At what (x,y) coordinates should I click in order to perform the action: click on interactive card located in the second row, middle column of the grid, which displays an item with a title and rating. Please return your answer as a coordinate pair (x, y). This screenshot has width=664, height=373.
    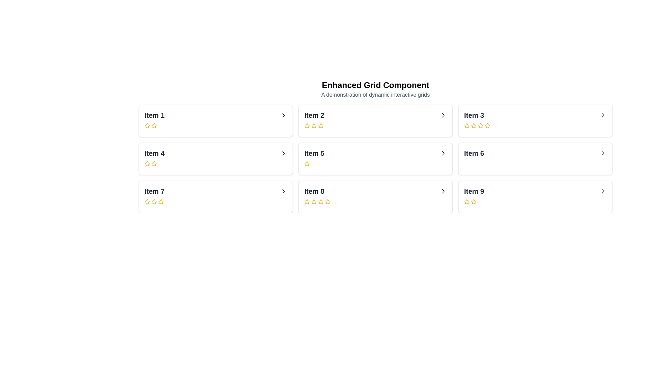
    Looking at the image, I should click on (375, 159).